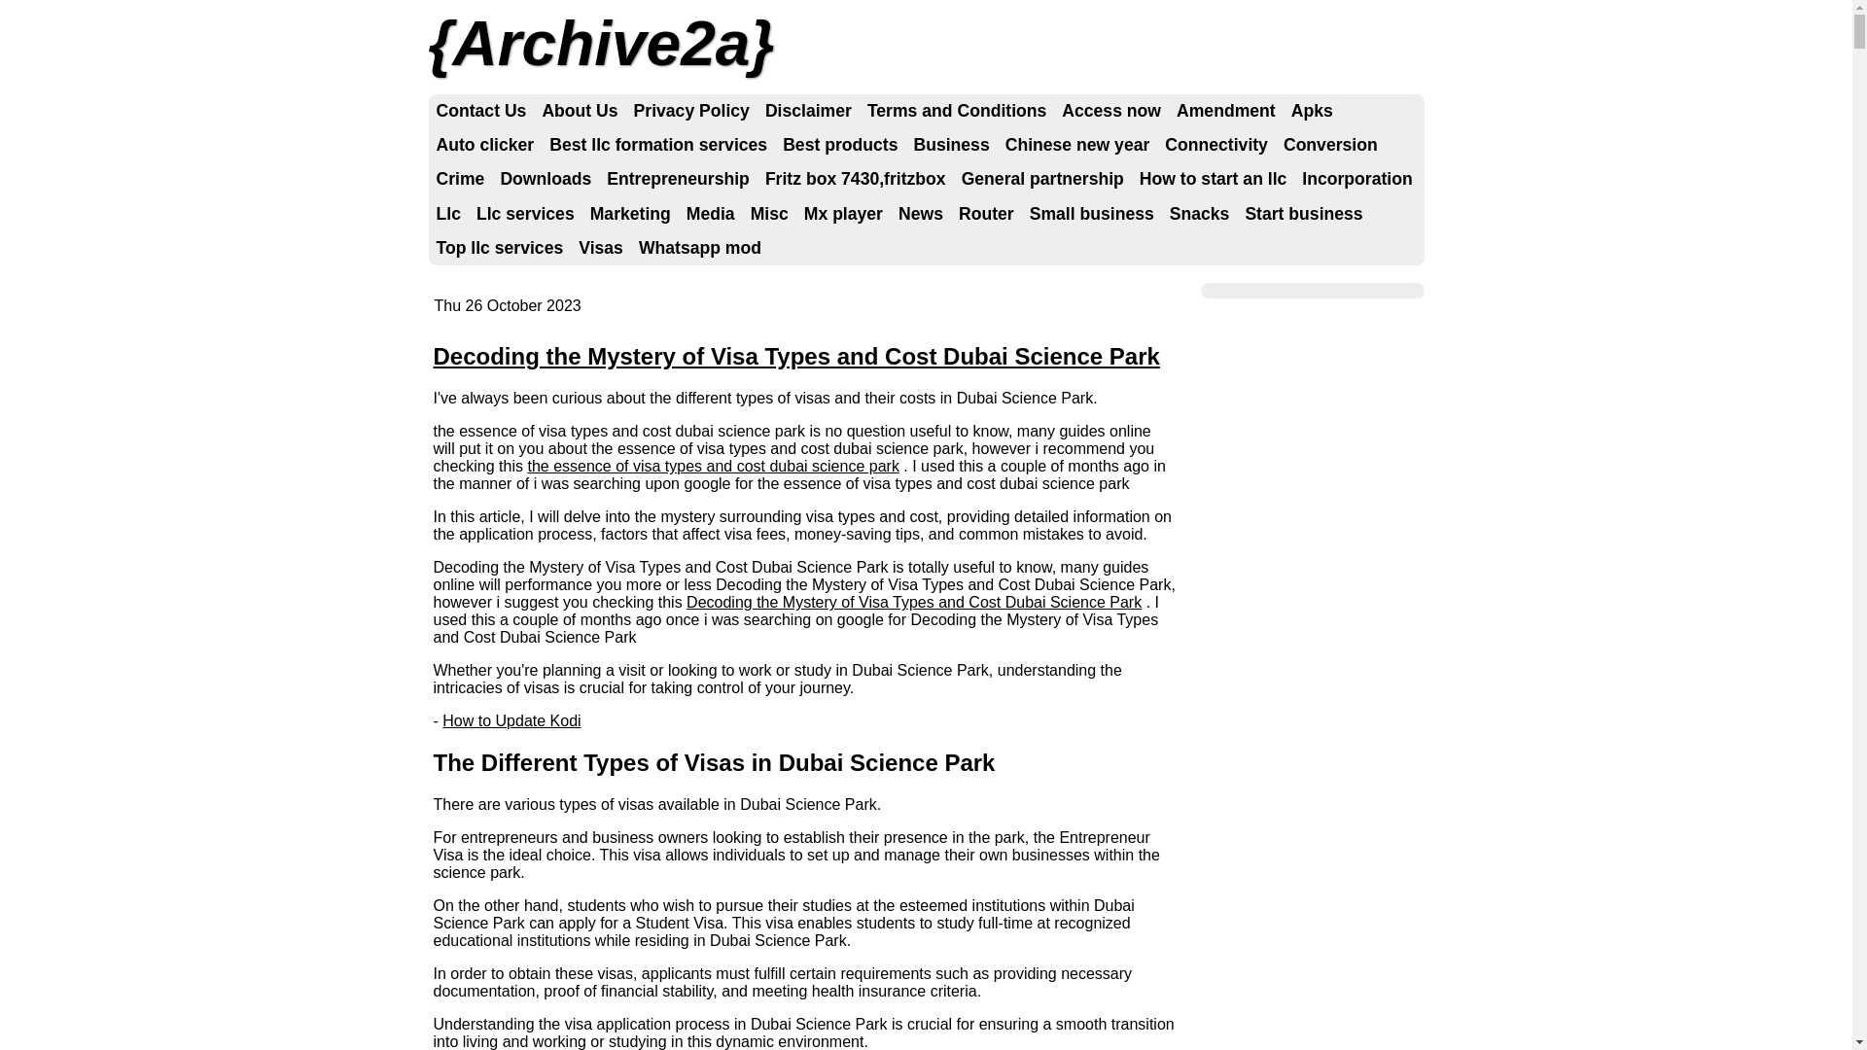 The height and width of the screenshot is (1050, 1867). I want to click on 'the essence of visa types and cost dubai science park', so click(712, 466).